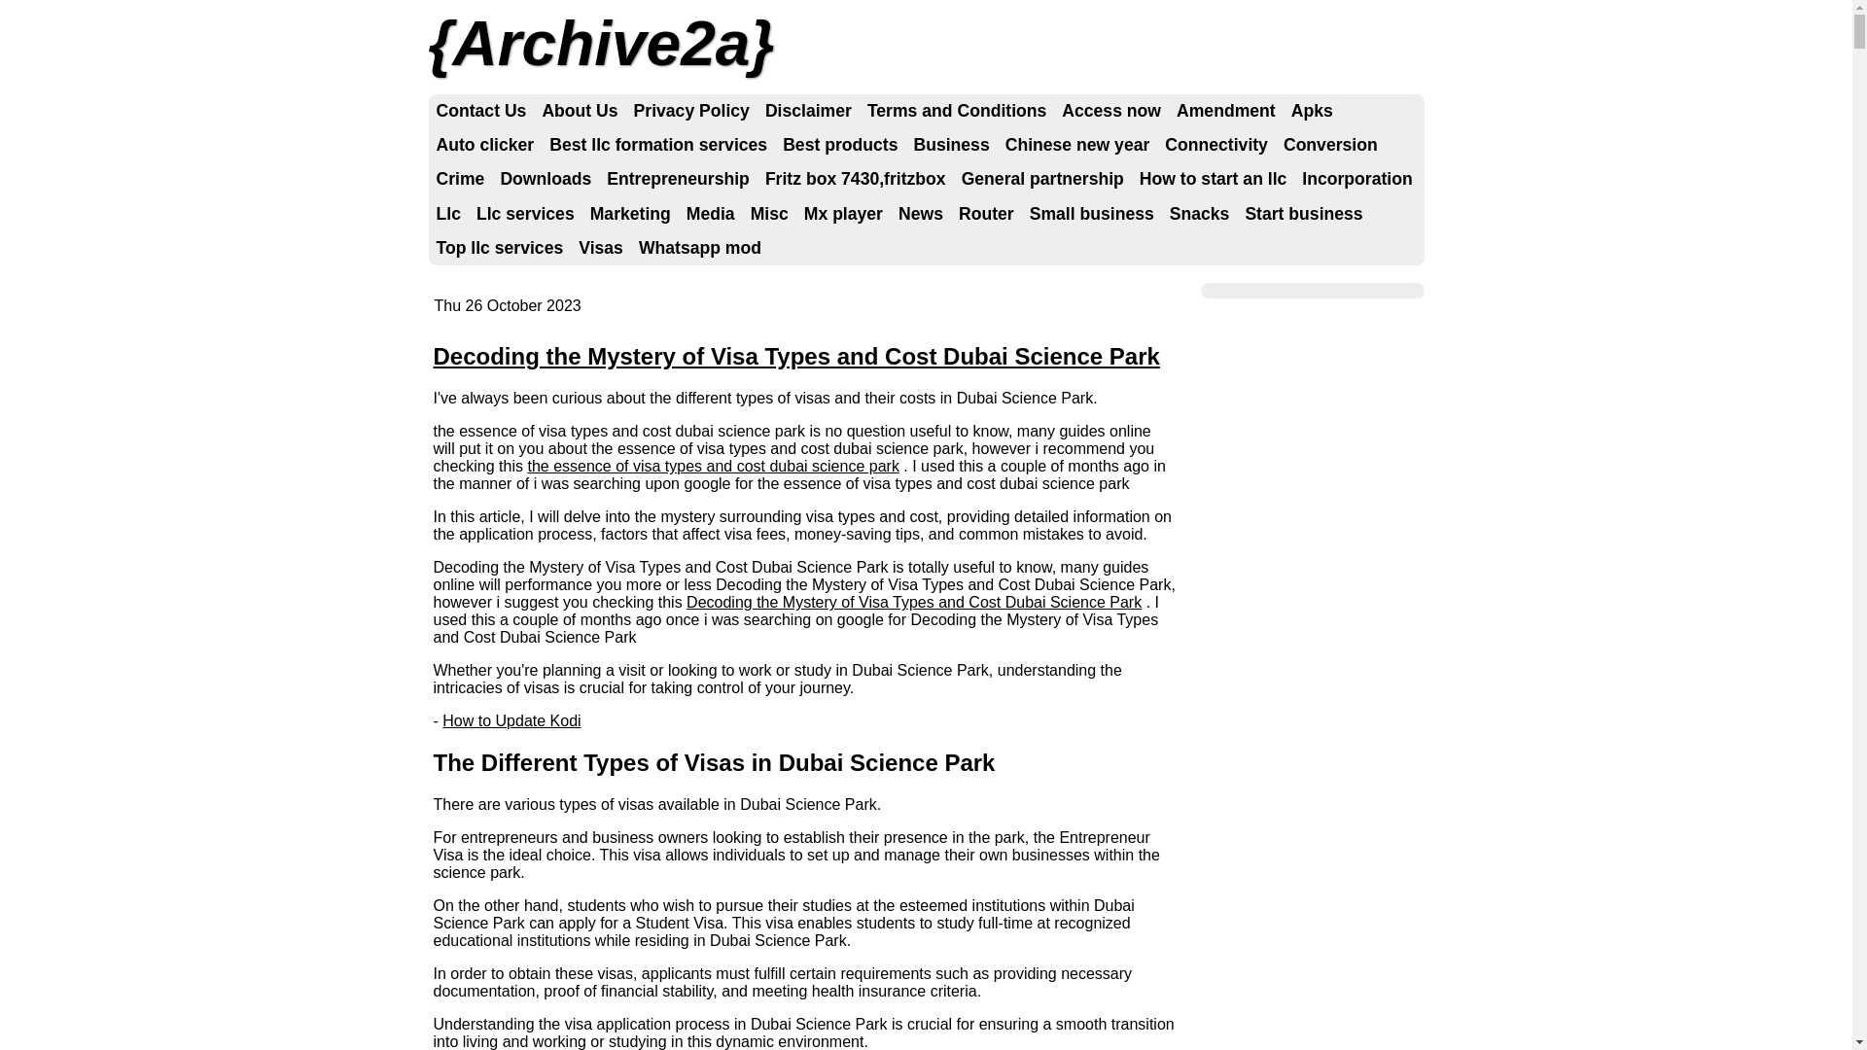 The height and width of the screenshot is (1050, 1867). I want to click on 'the essence of visa types and cost dubai science park', so click(712, 466).